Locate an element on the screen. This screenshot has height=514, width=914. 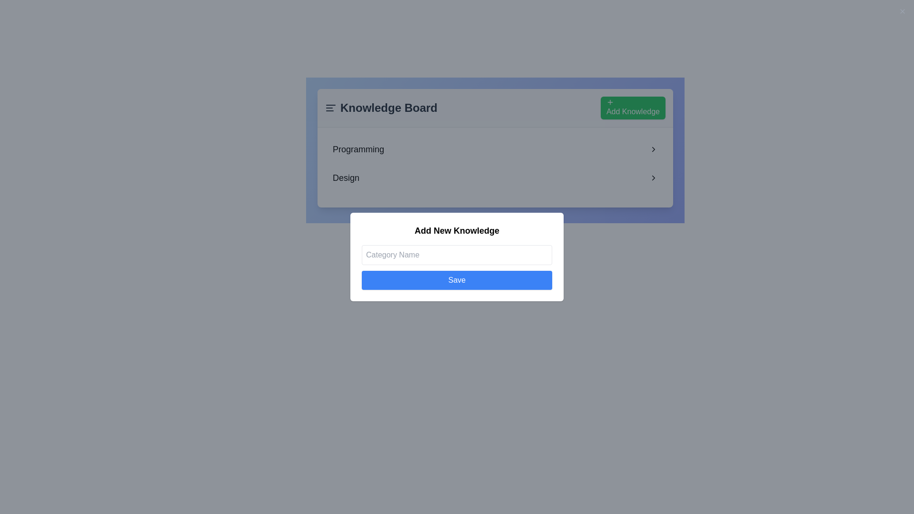
the save button located in the modal dialog box labeled 'Add New Knowledge', positioned beneath the 'Category Name' text input field to observe hover effects is located at coordinates (457, 280).